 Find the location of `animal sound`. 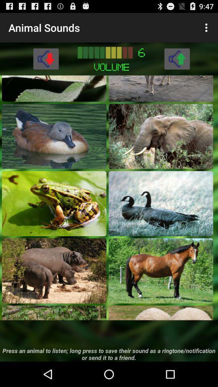

animal sound is located at coordinates (161, 270).